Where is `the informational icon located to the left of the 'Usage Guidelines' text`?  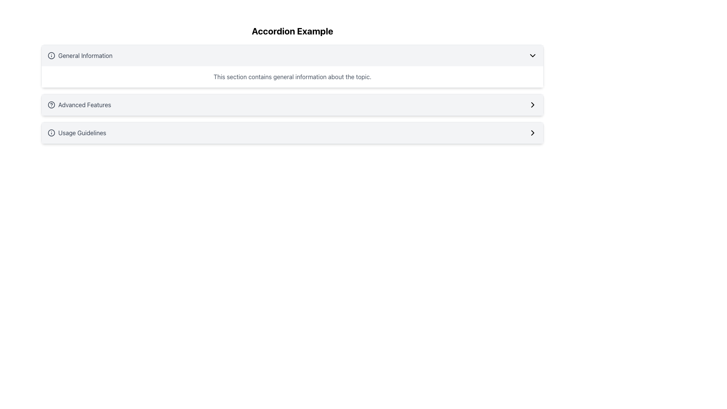 the informational icon located to the left of the 'Usage Guidelines' text is located at coordinates (51, 133).